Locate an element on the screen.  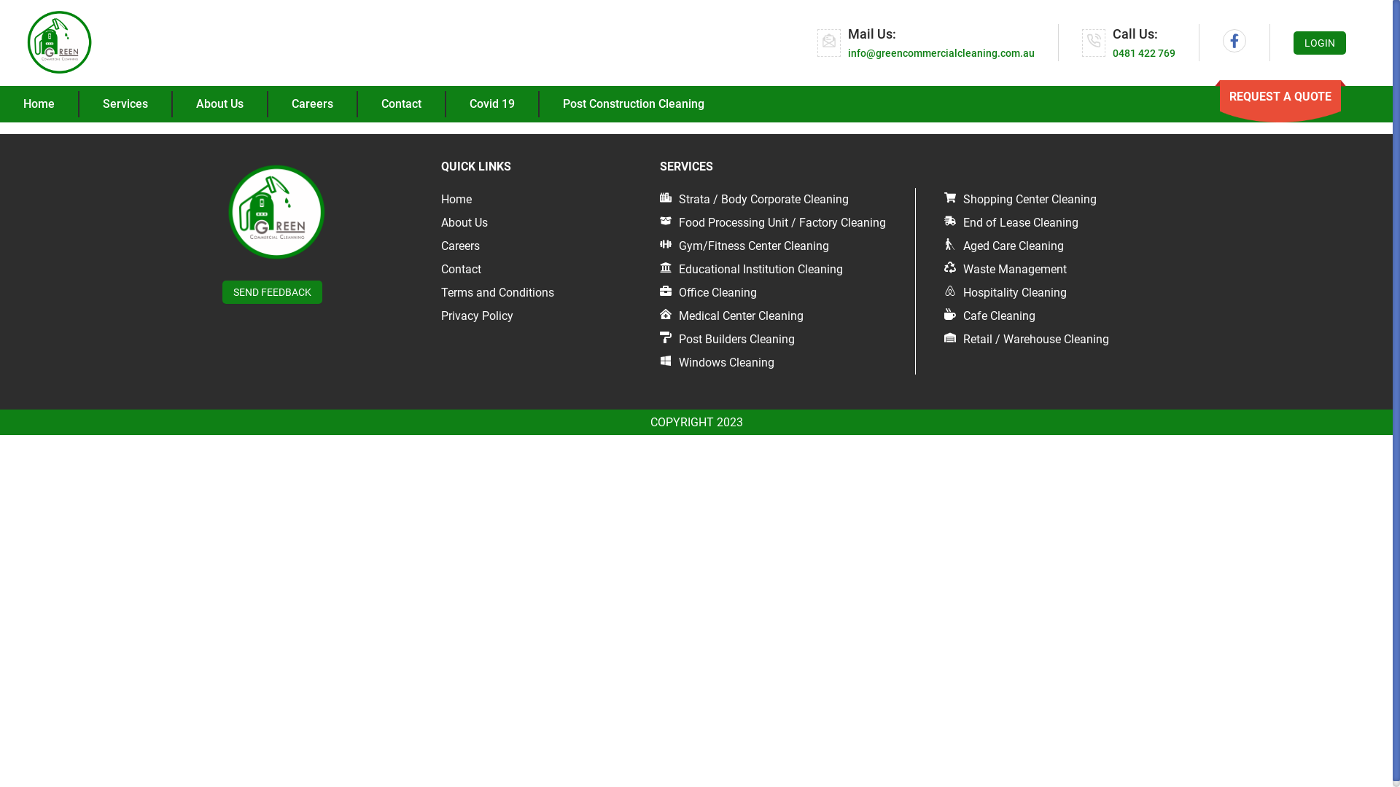
'Food Processing Unit / Factory Cleaning' is located at coordinates (772, 222).